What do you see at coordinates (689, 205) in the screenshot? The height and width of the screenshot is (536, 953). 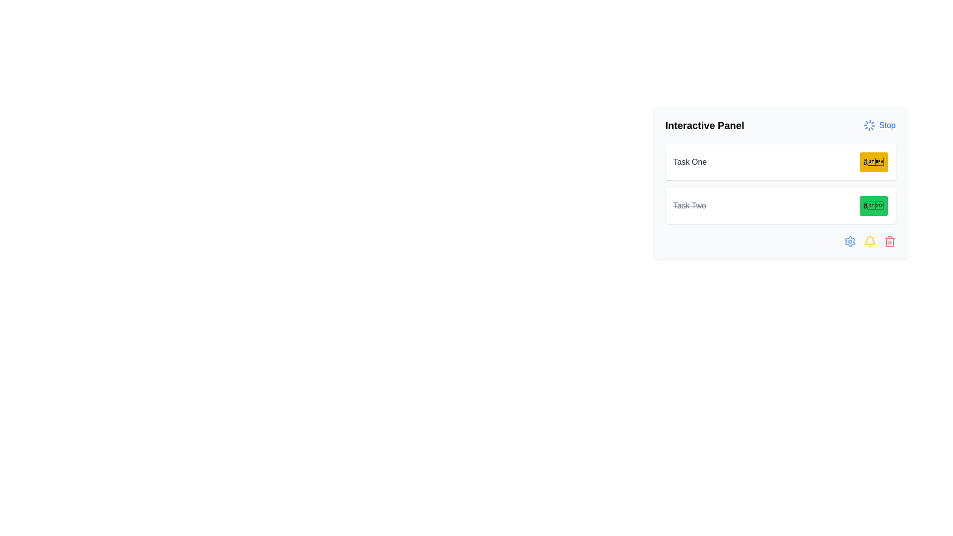 I see `the text label displaying 'Task Two' which has a strikethrough decoration and gray color, indicating completion` at bounding box center [689, 205].